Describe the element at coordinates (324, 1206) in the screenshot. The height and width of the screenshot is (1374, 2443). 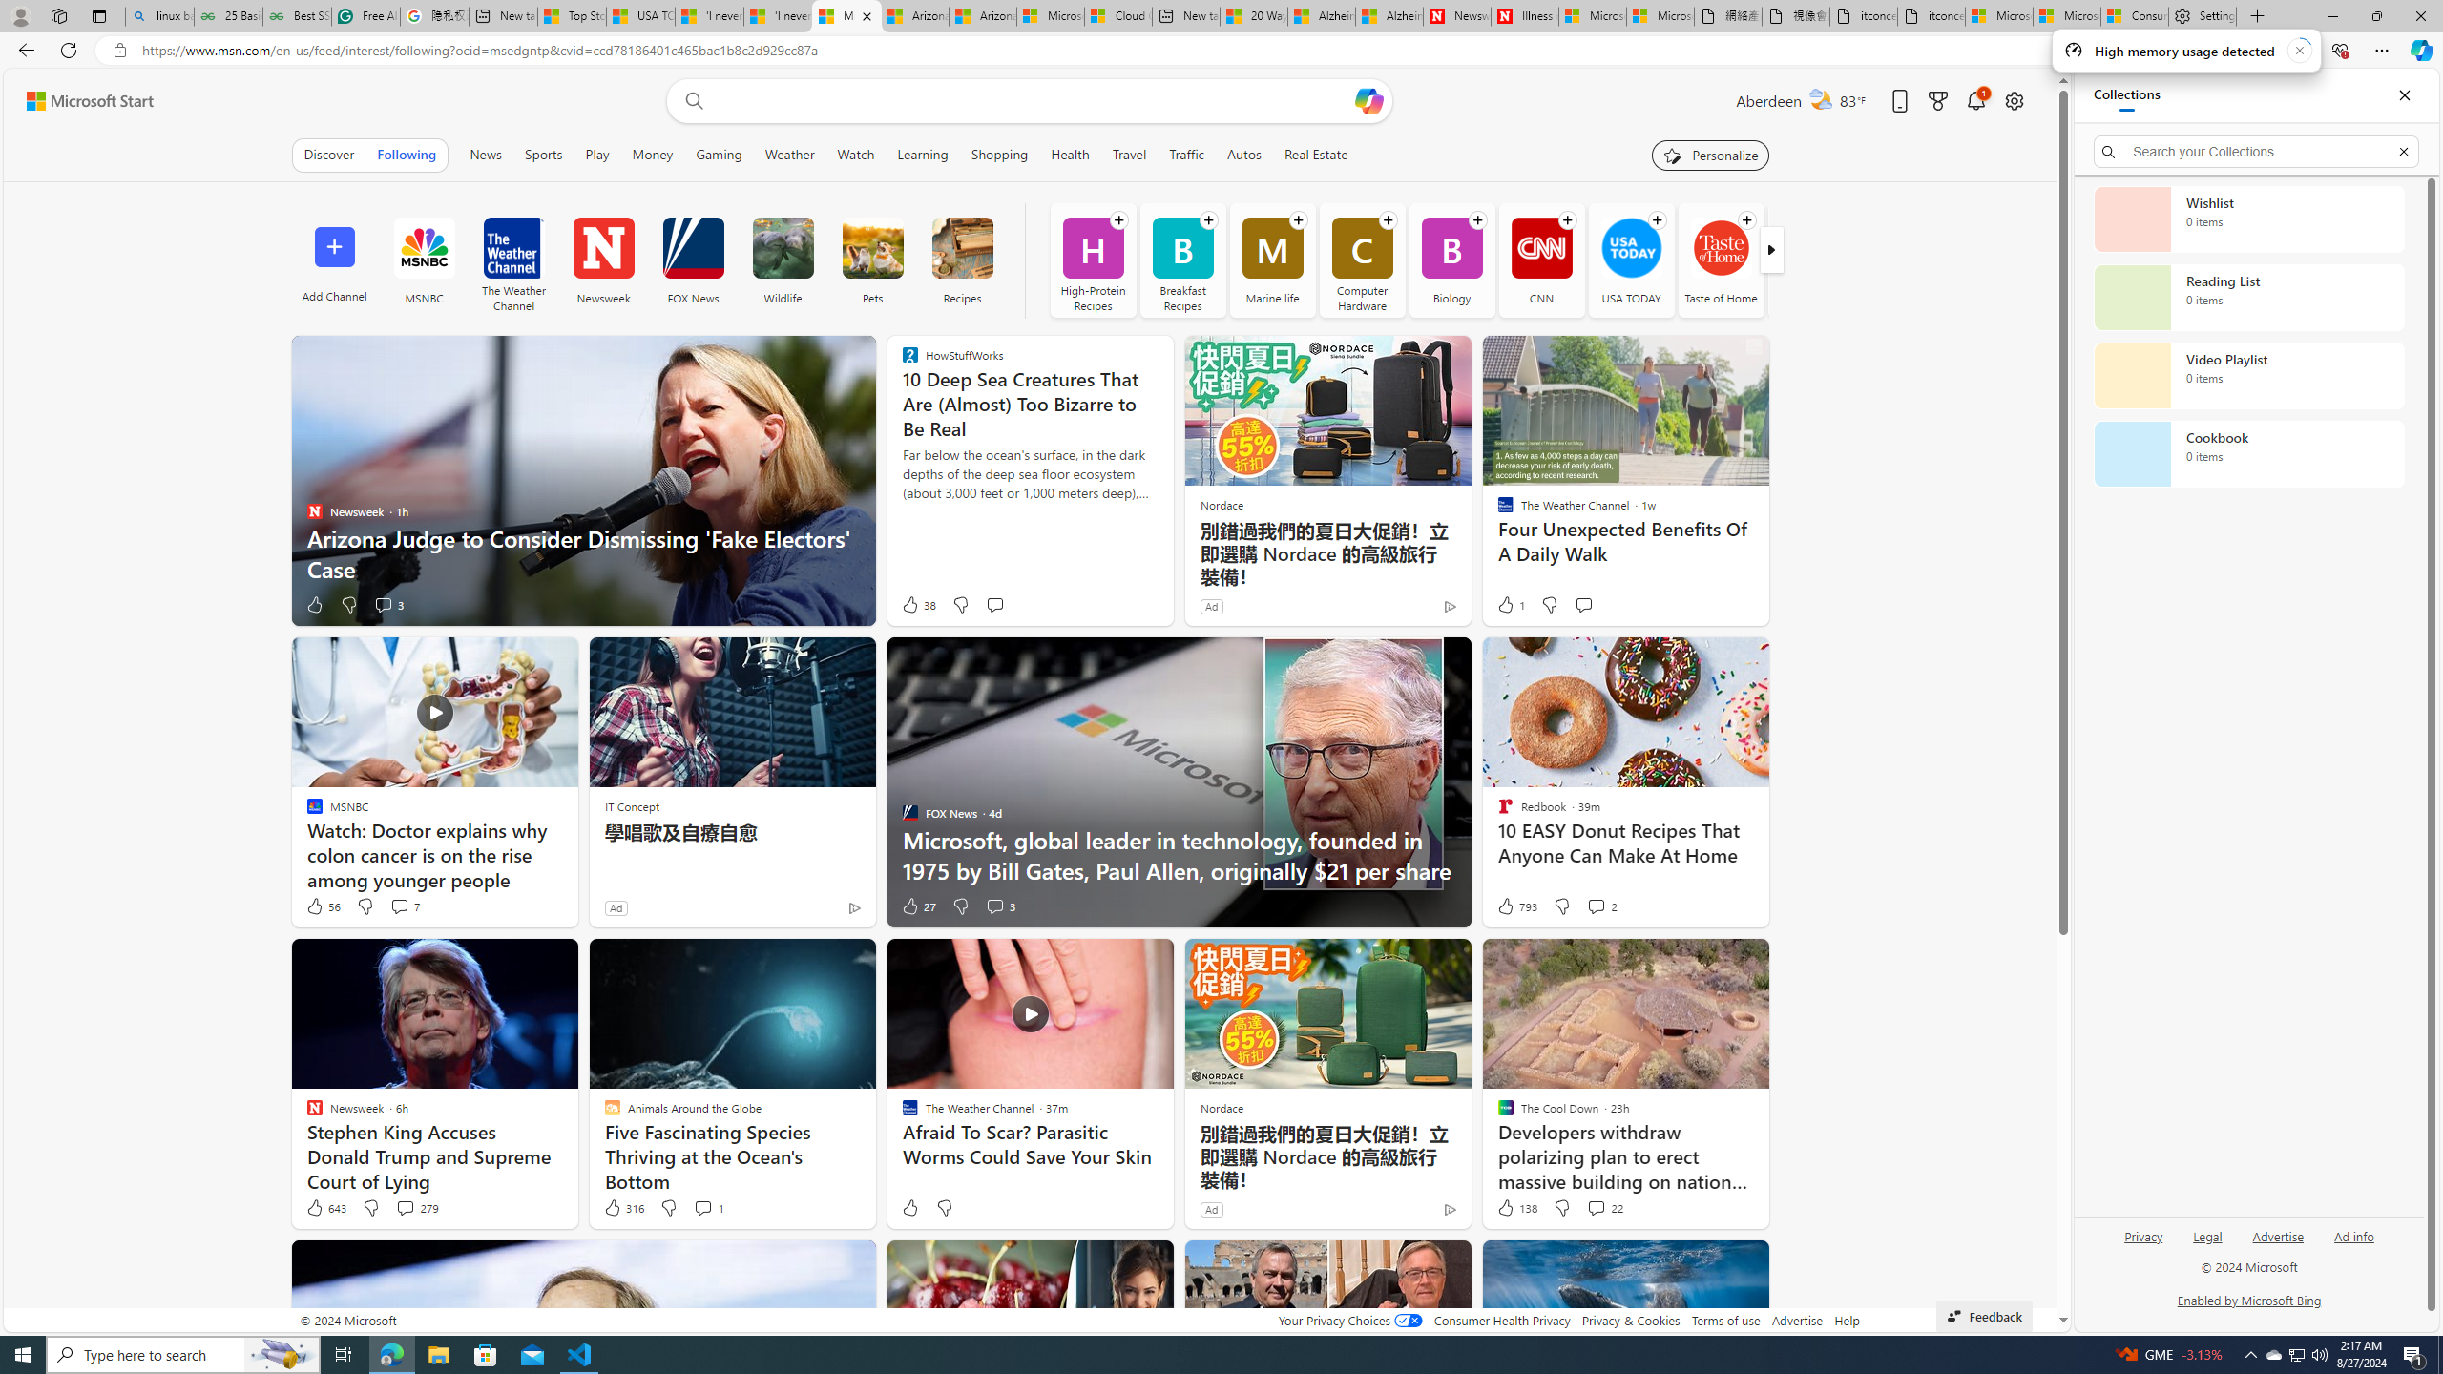
I see `'643 Like'` at that location.